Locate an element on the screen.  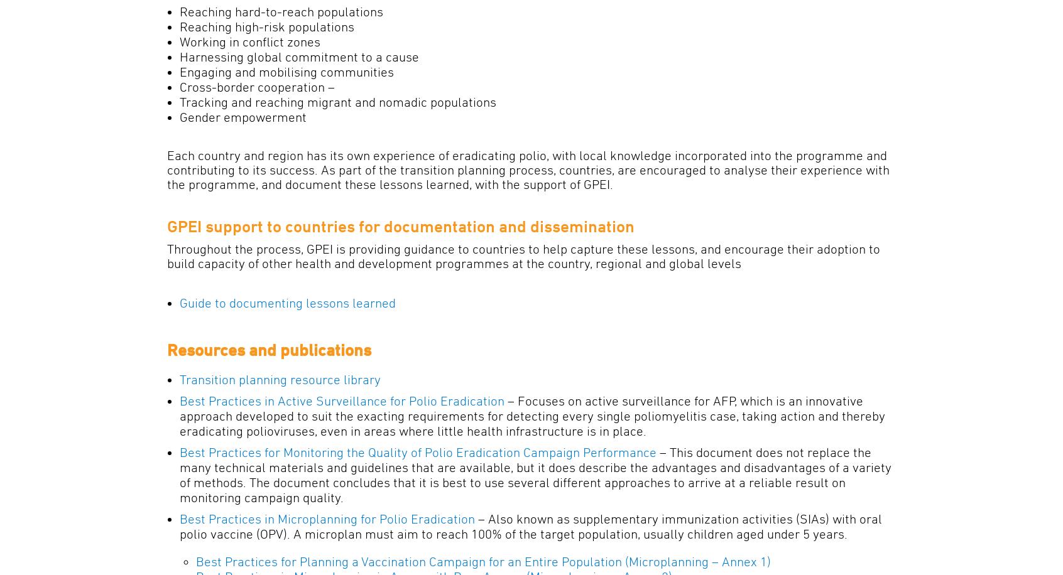
'GPEI support to countries for documentation and dissemination' is located at coordinates (401, 225).